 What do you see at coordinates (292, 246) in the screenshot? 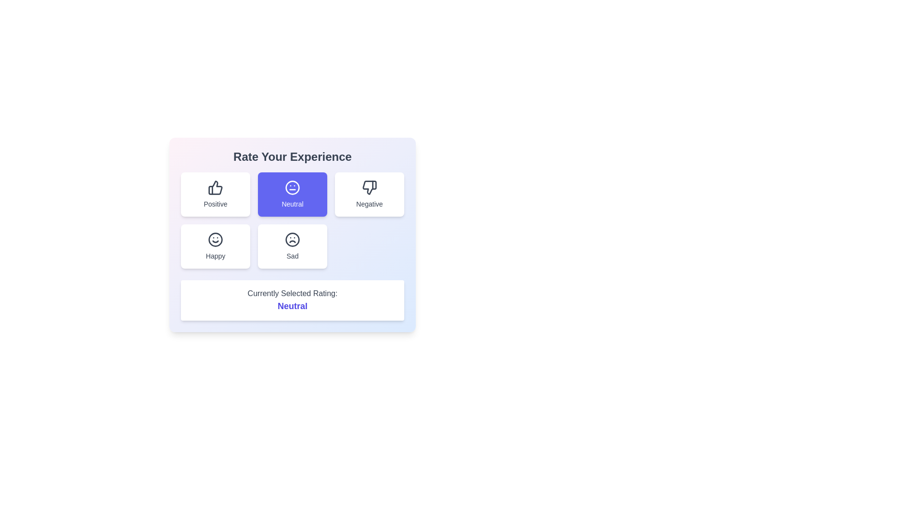
I see `the button labeled Sad to see its hover effect` at bounding box center [292, 246].